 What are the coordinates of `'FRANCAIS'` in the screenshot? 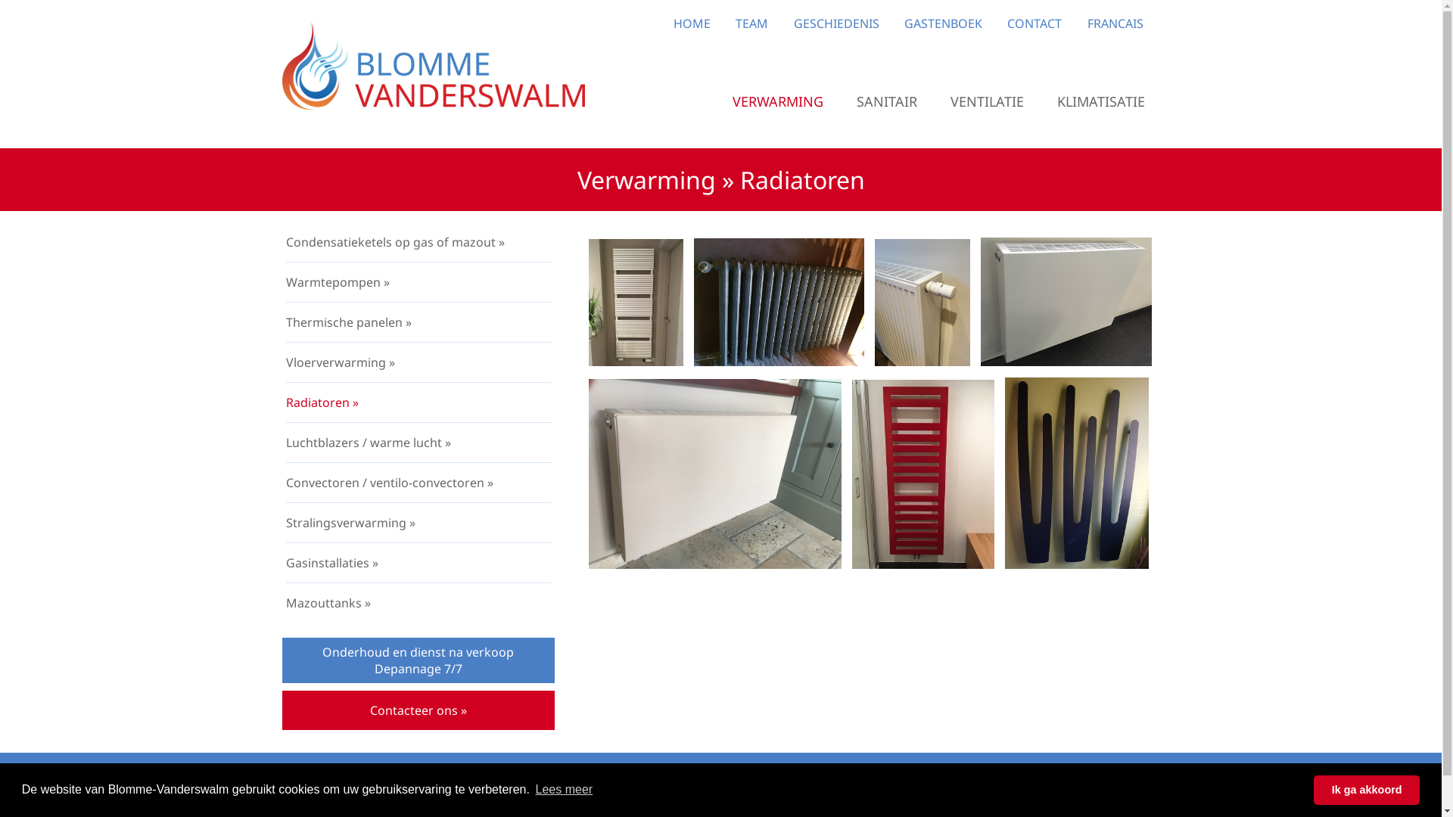 It's located at (1115, 23).